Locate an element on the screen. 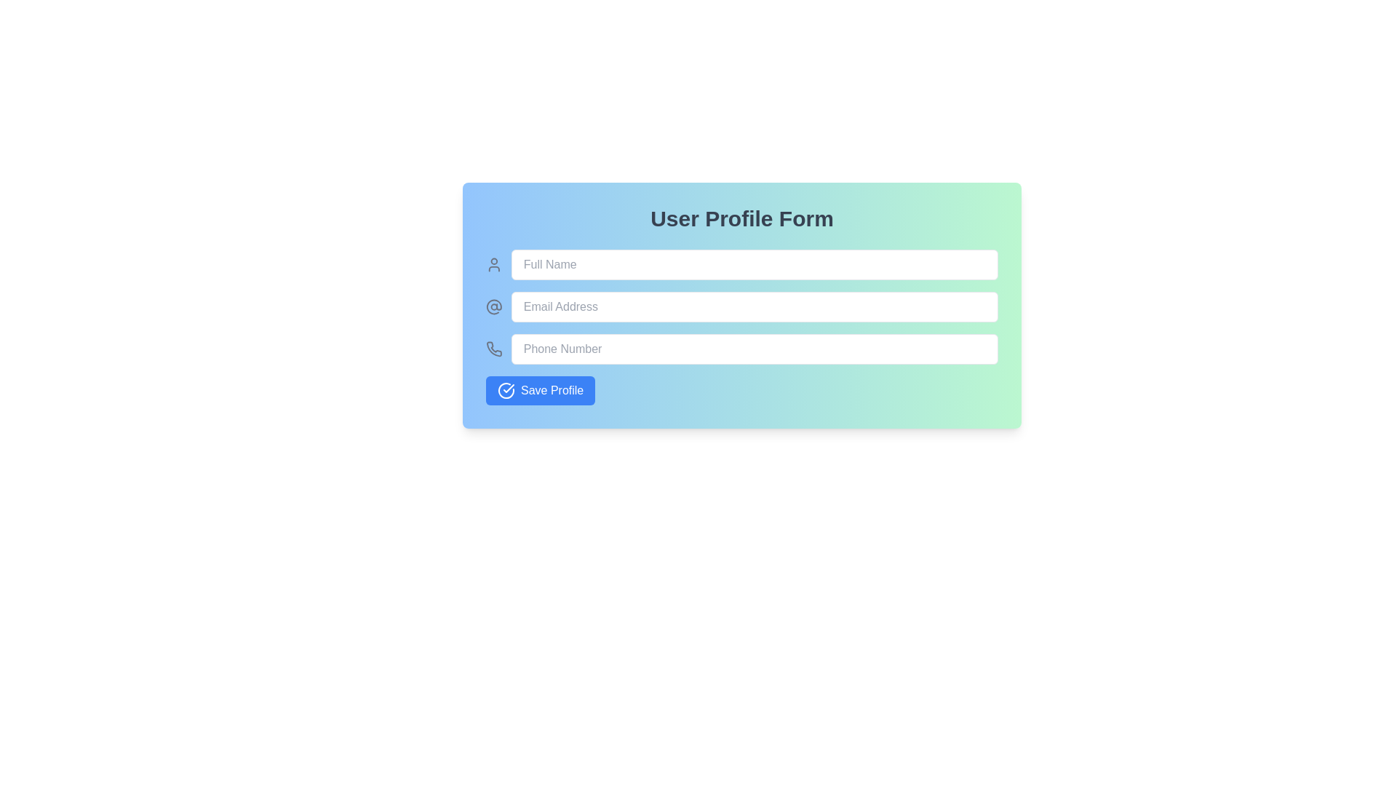 This screenshot has width=1397, height=786. the email input field is located at coordinates (741, 306).